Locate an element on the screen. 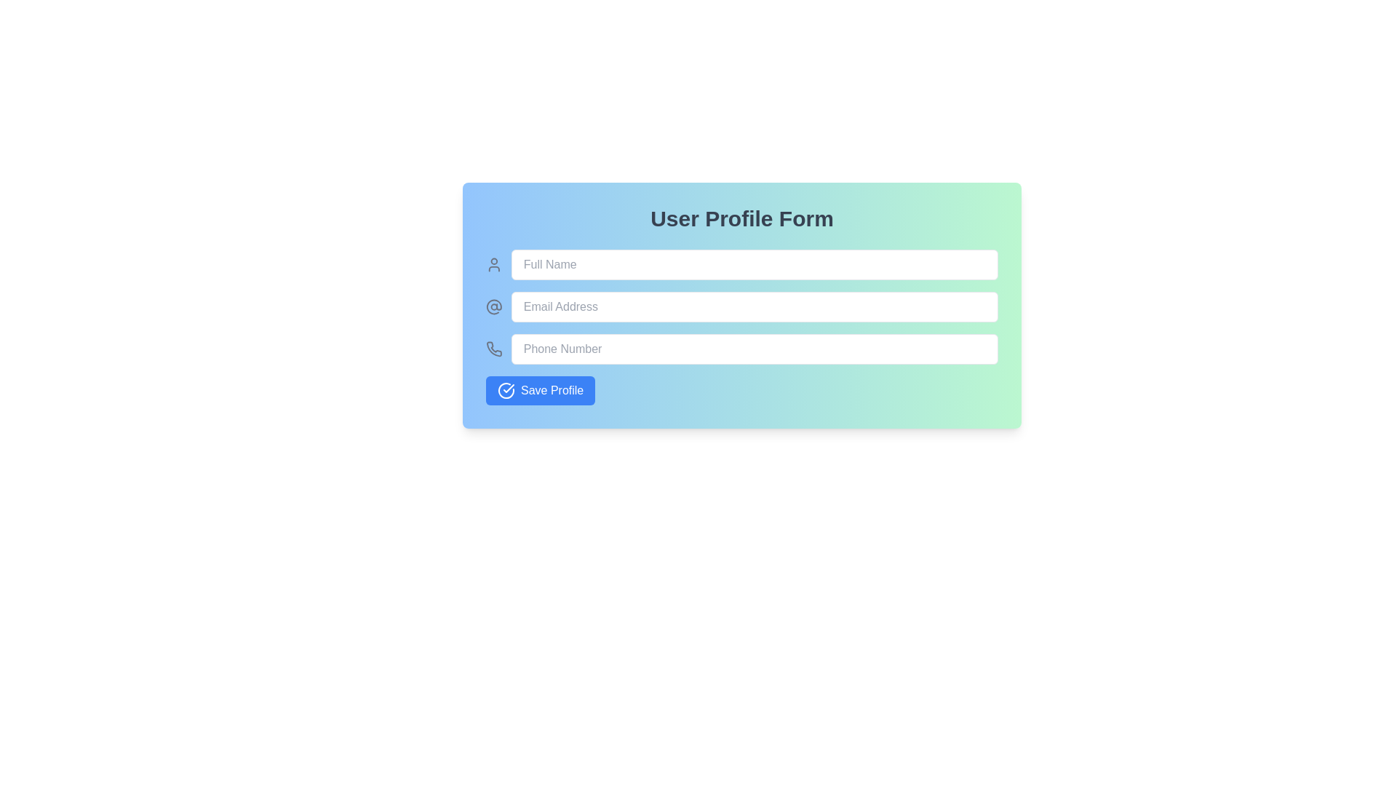 This screenshot has width=1397, height=786. the email input field is located at coordinates (741, 306).